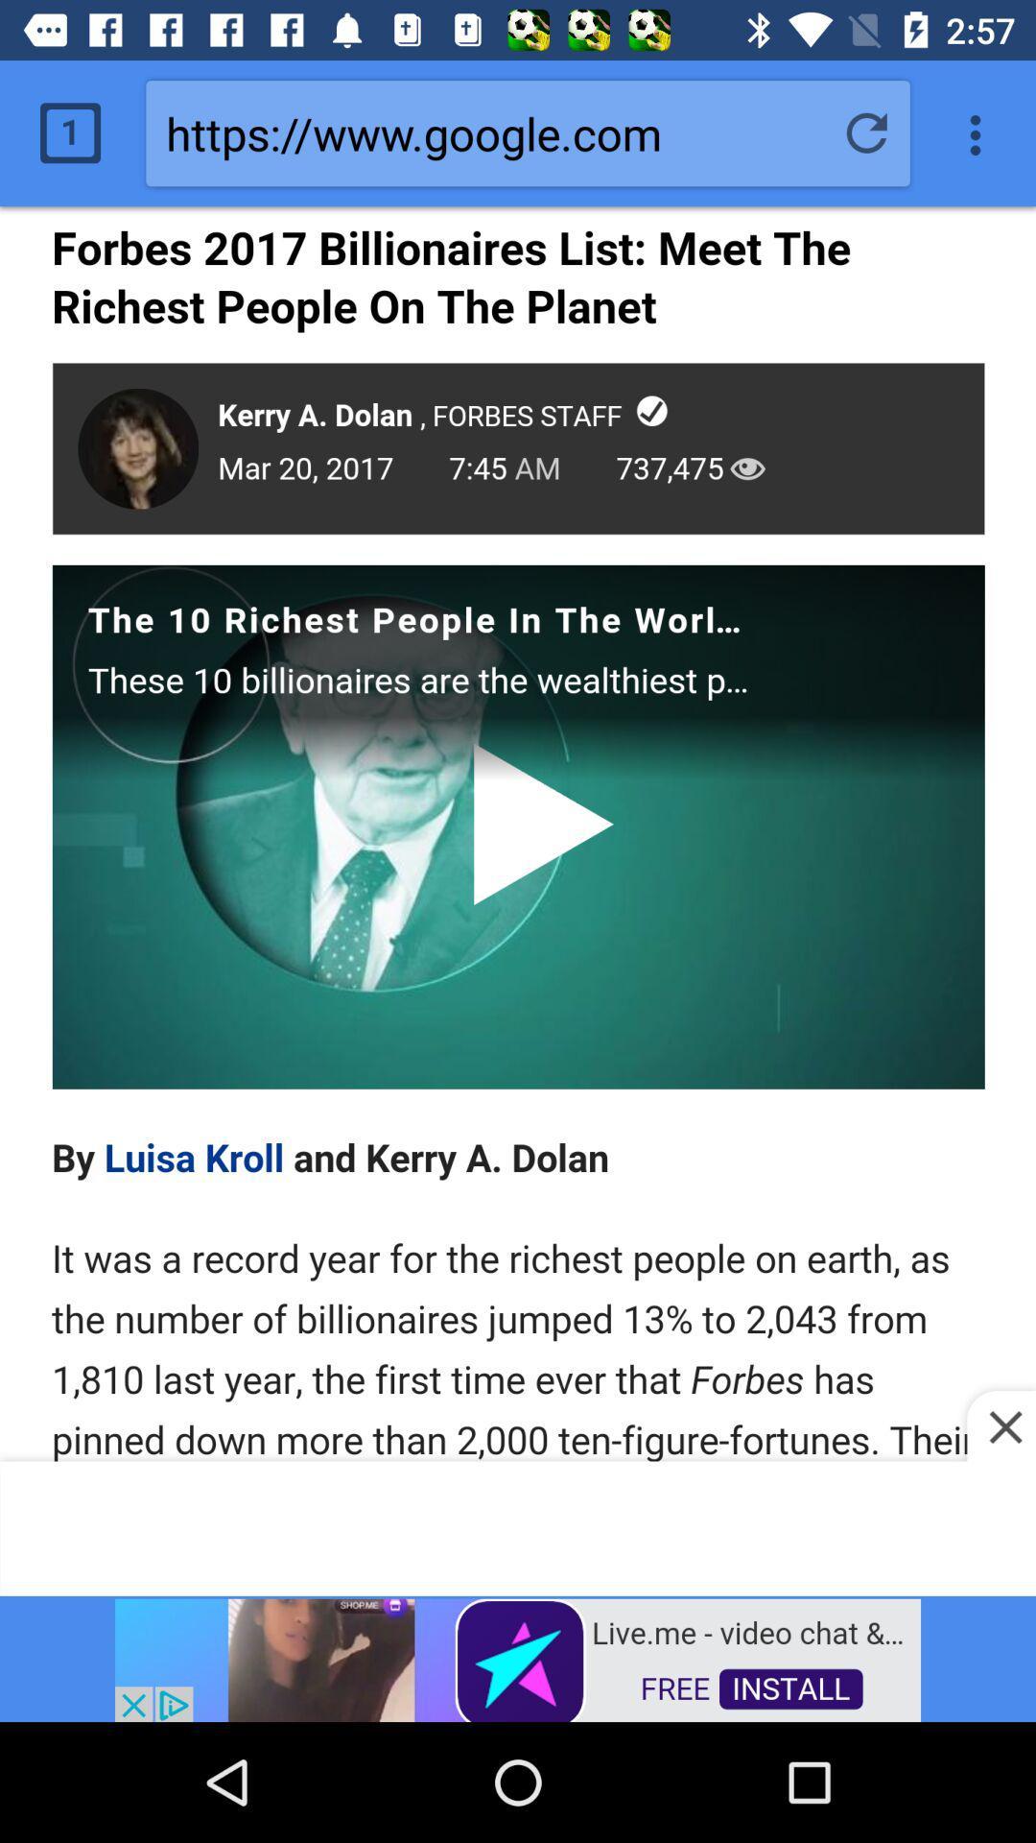 Image resolution: width=1036 pixels, height=1843 pixels. Describe the element at coordinates (518, 1658) in the screenshot. I see `advertisement` at that location.